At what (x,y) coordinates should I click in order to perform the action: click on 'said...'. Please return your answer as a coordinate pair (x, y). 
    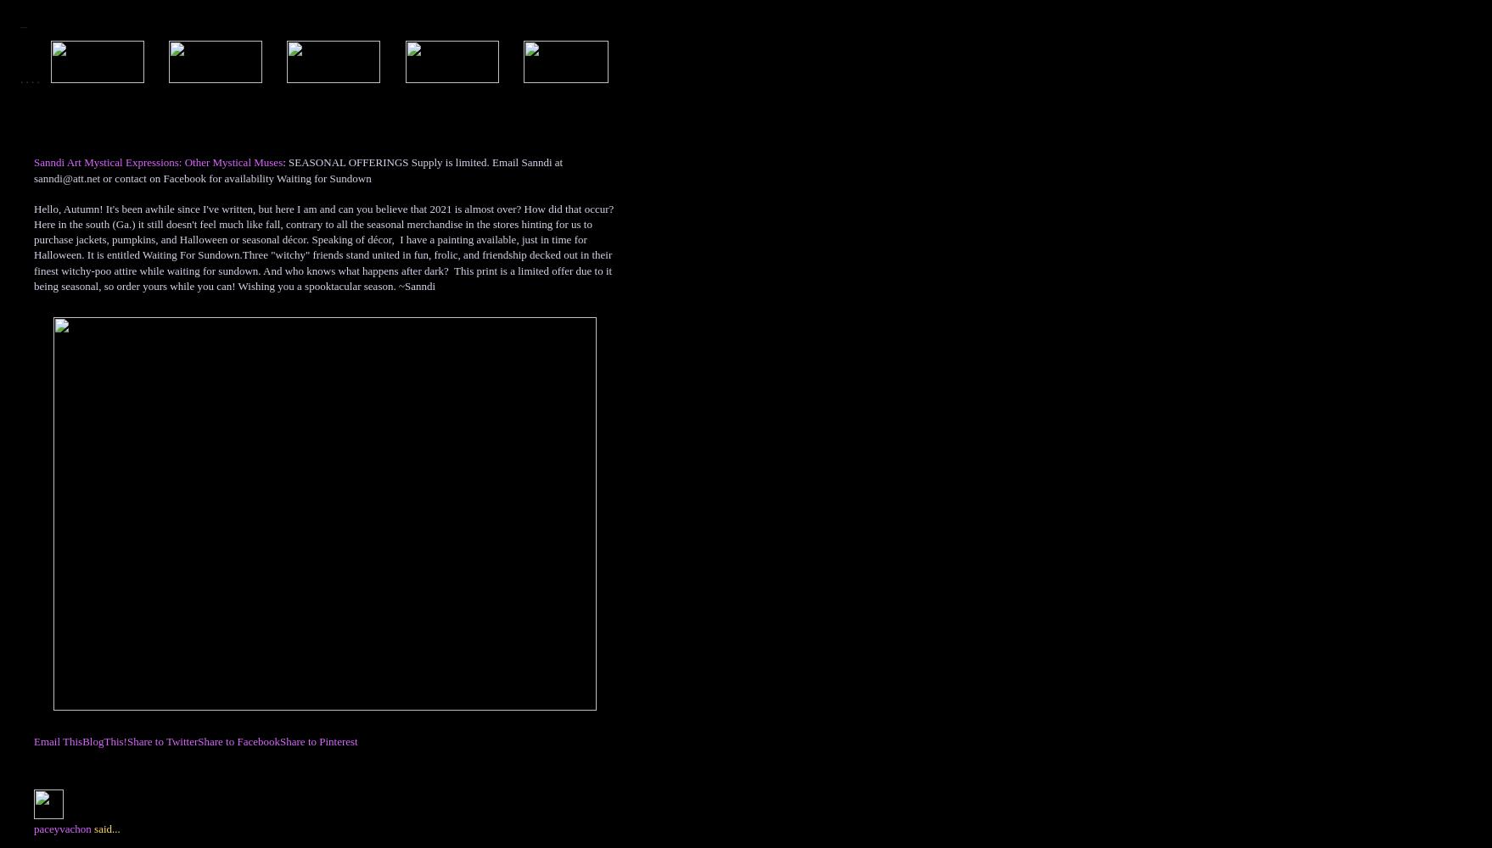
    Looking at the image, I should click on (104, 827).